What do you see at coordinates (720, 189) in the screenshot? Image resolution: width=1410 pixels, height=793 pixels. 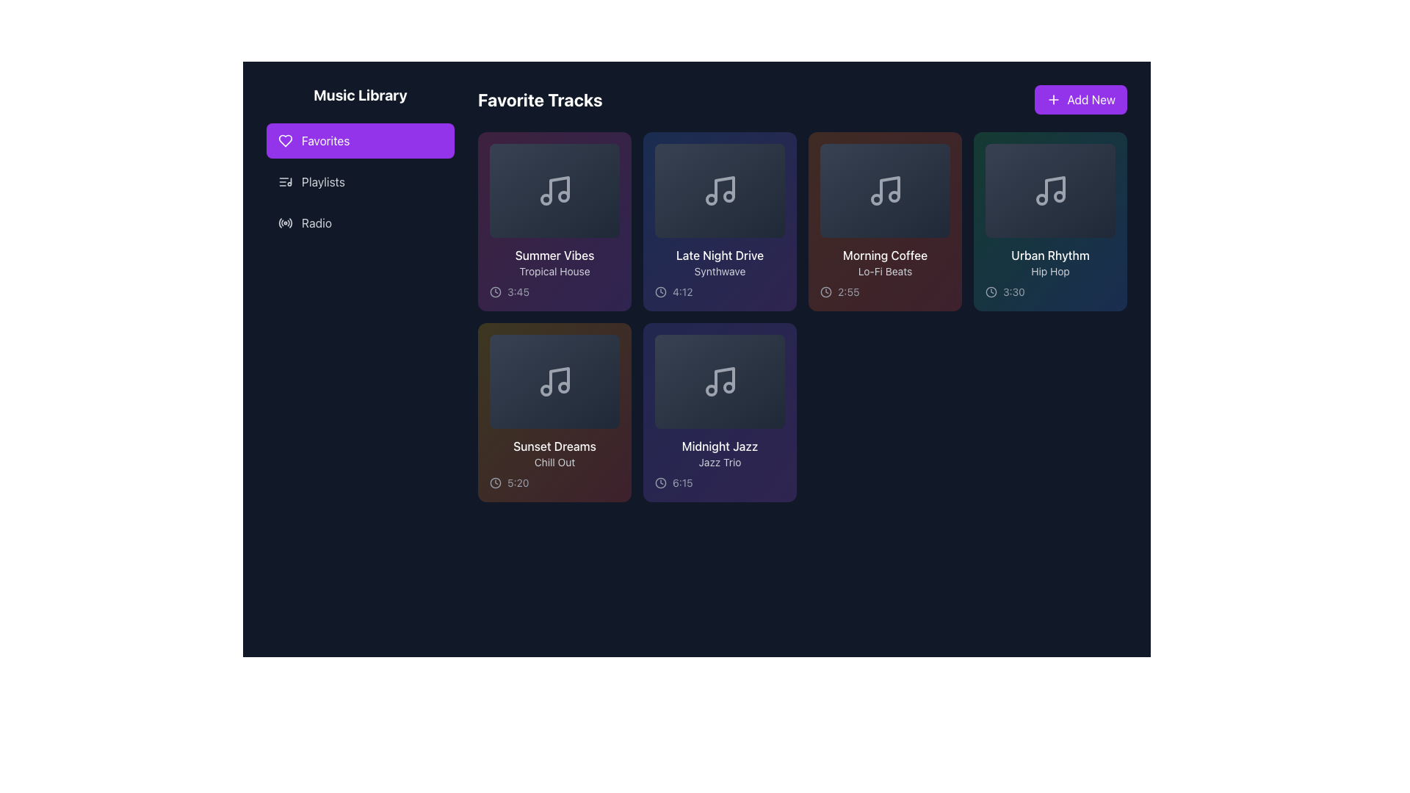 I see `the gradient-background rectangular tile featuring a music note icon, which is located above the 'Late Night Drive' label in the second column, first row of the grid layout` at bounding box center [720, 189].